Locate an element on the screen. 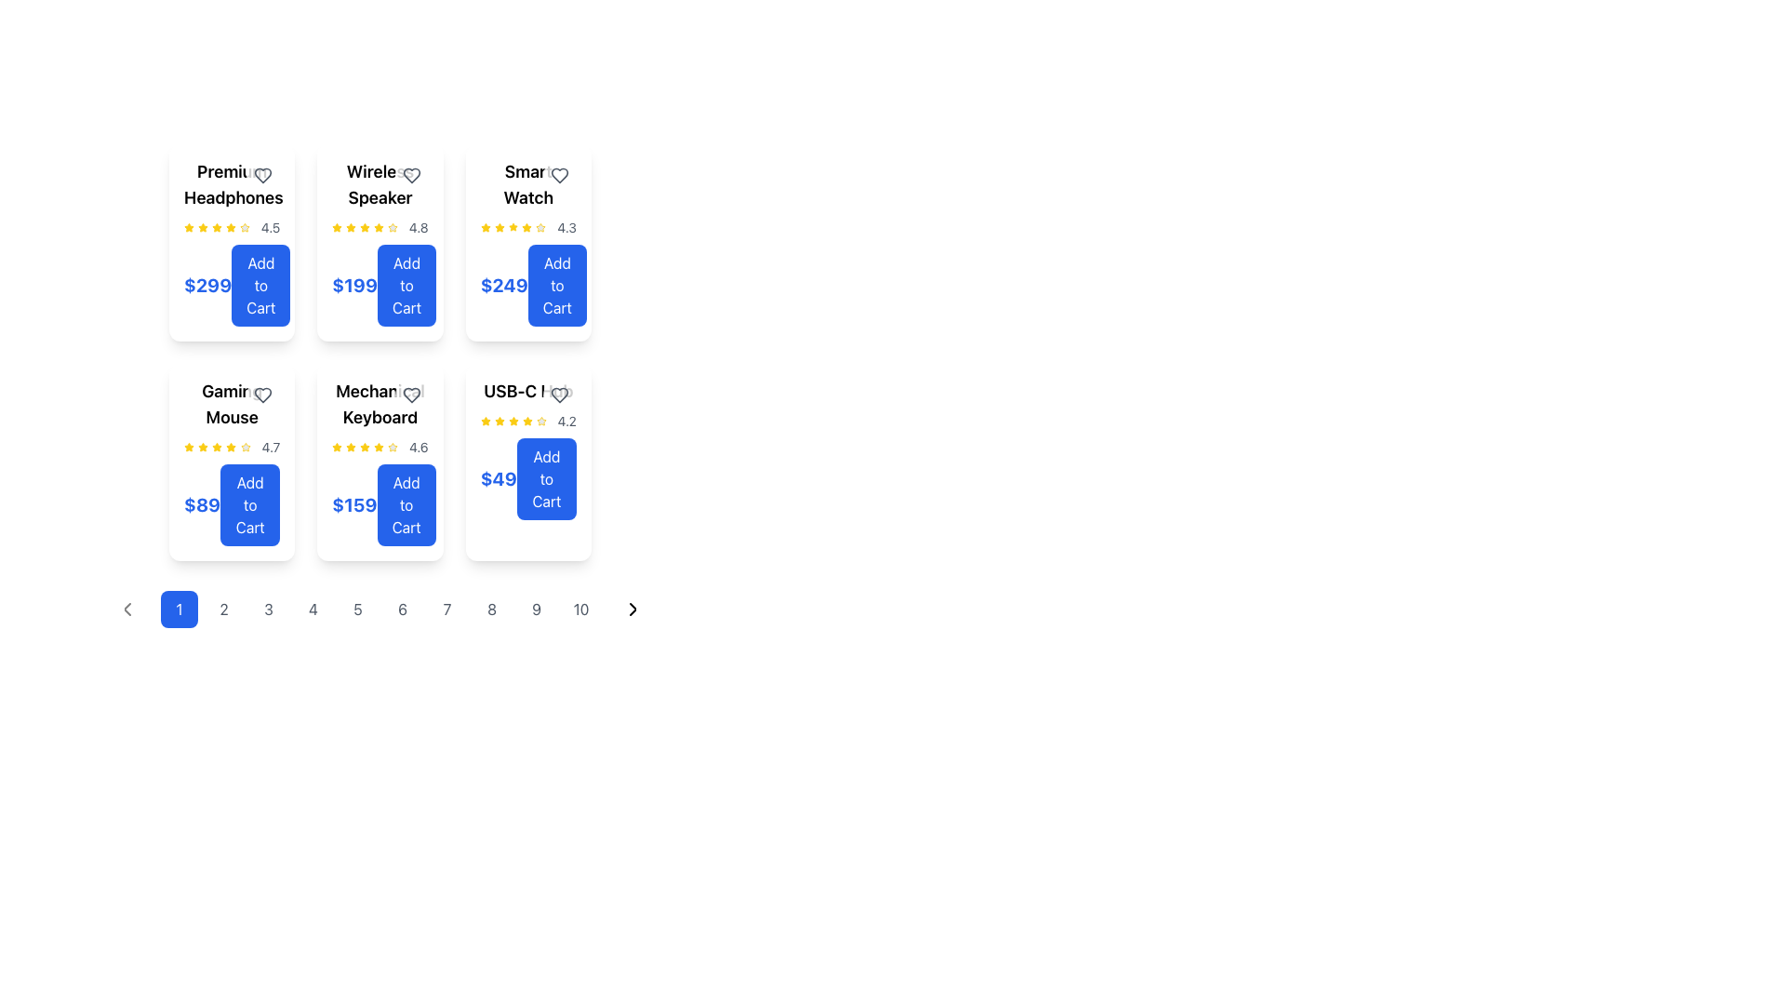 Image resolution: width=1786 pixels, height=1005 pixels. the Price tag label displaying '$199', which is styled in bold, large blue font and is located above the 'Add to Cart' button in the second product card of the grid layout is located at coordinates (354, 286).